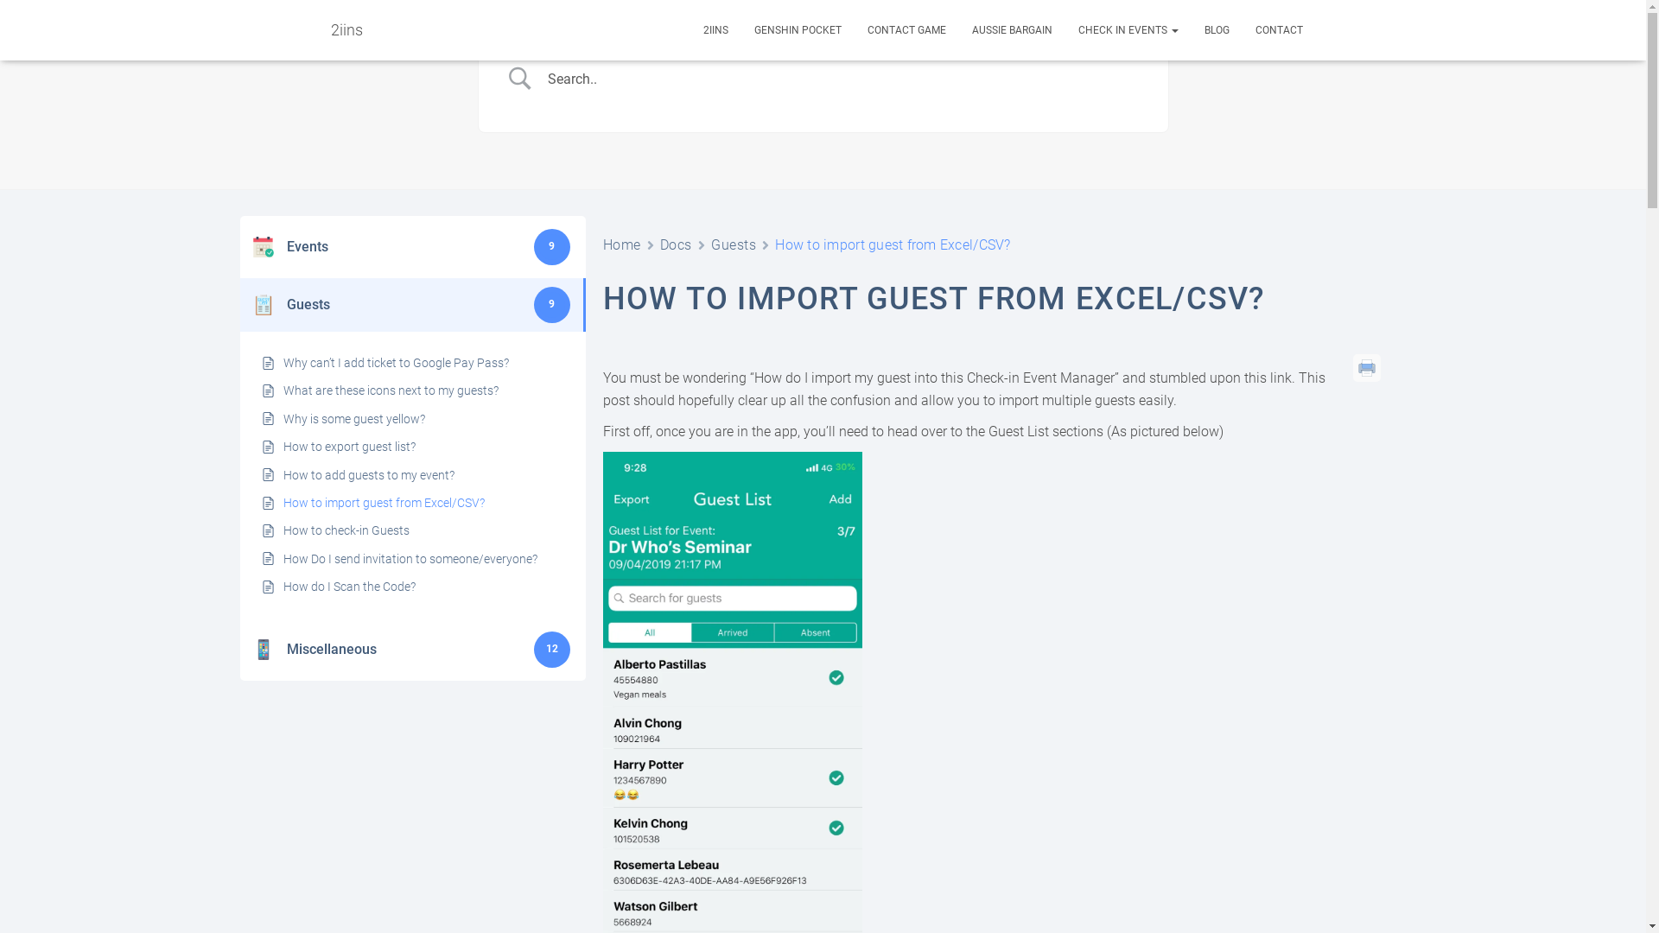  Describe the element at coordinates (622, 244) in the screenshot. I see `'Home'` at that location.